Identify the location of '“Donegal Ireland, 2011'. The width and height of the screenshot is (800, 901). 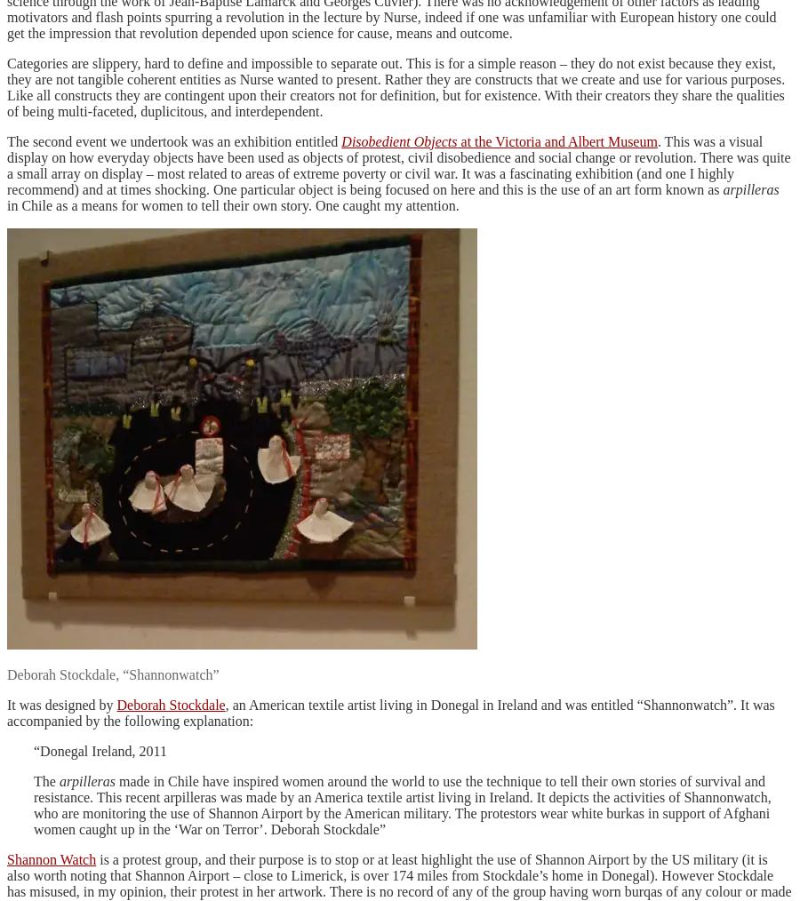
(100, 750).